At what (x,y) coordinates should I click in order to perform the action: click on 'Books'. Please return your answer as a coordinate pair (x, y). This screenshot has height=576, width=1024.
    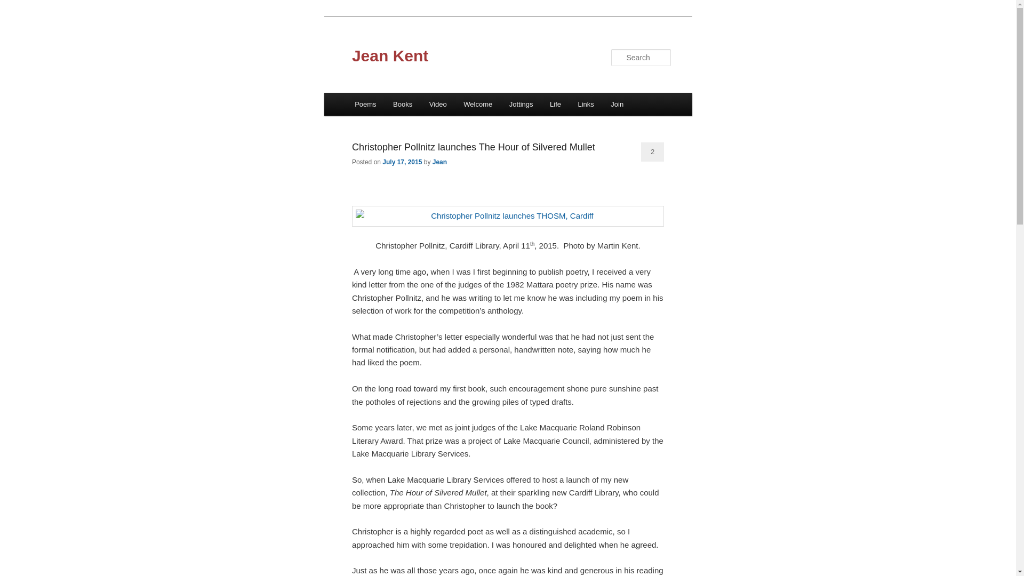
    Looking at the image, I should click on (402, 104).